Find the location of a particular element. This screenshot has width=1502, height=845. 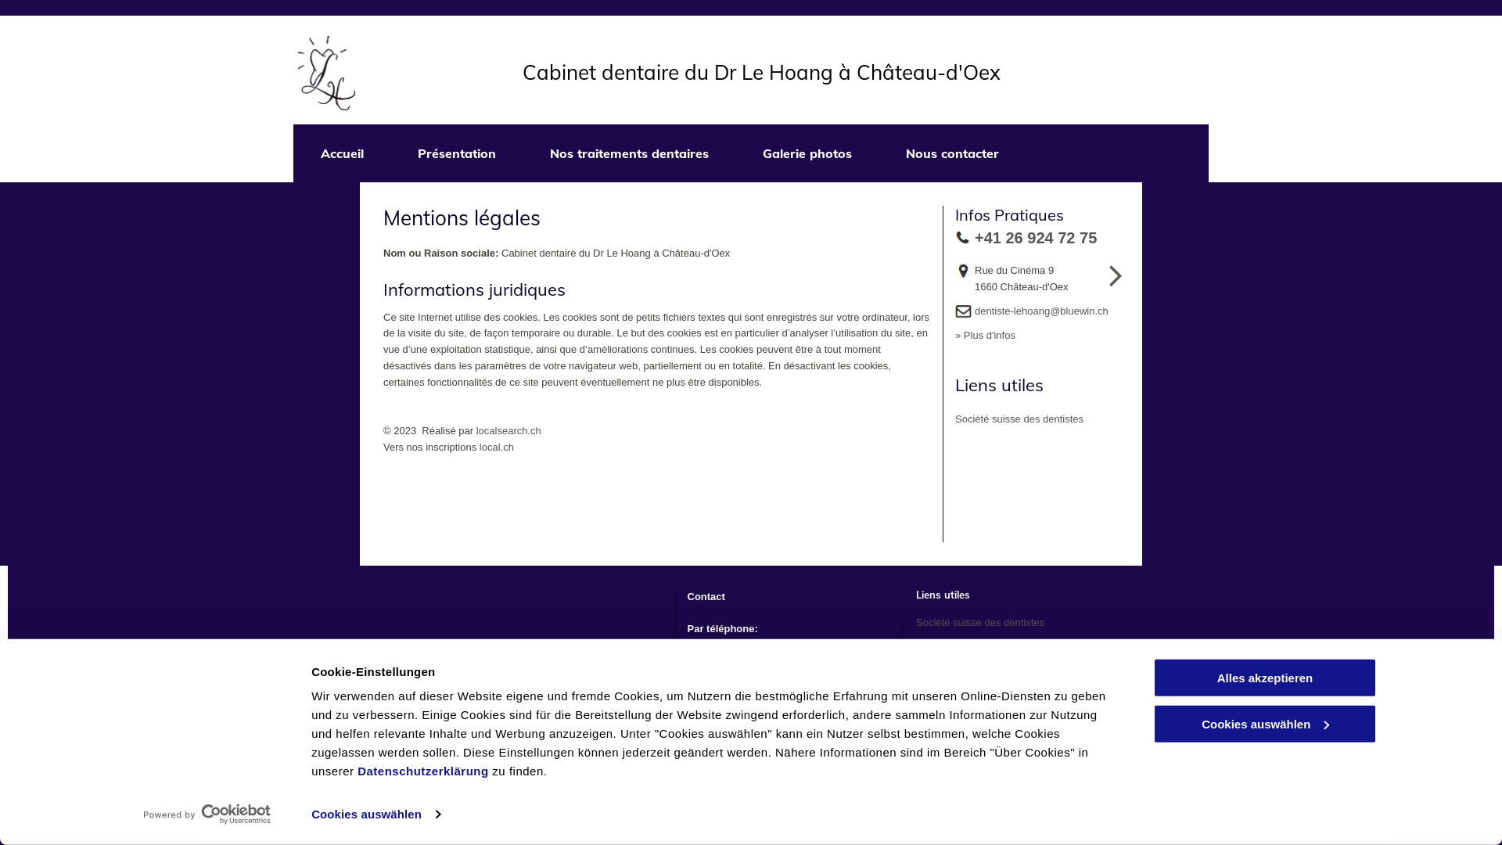

'local.ch' is located at coordinates (479, 447).